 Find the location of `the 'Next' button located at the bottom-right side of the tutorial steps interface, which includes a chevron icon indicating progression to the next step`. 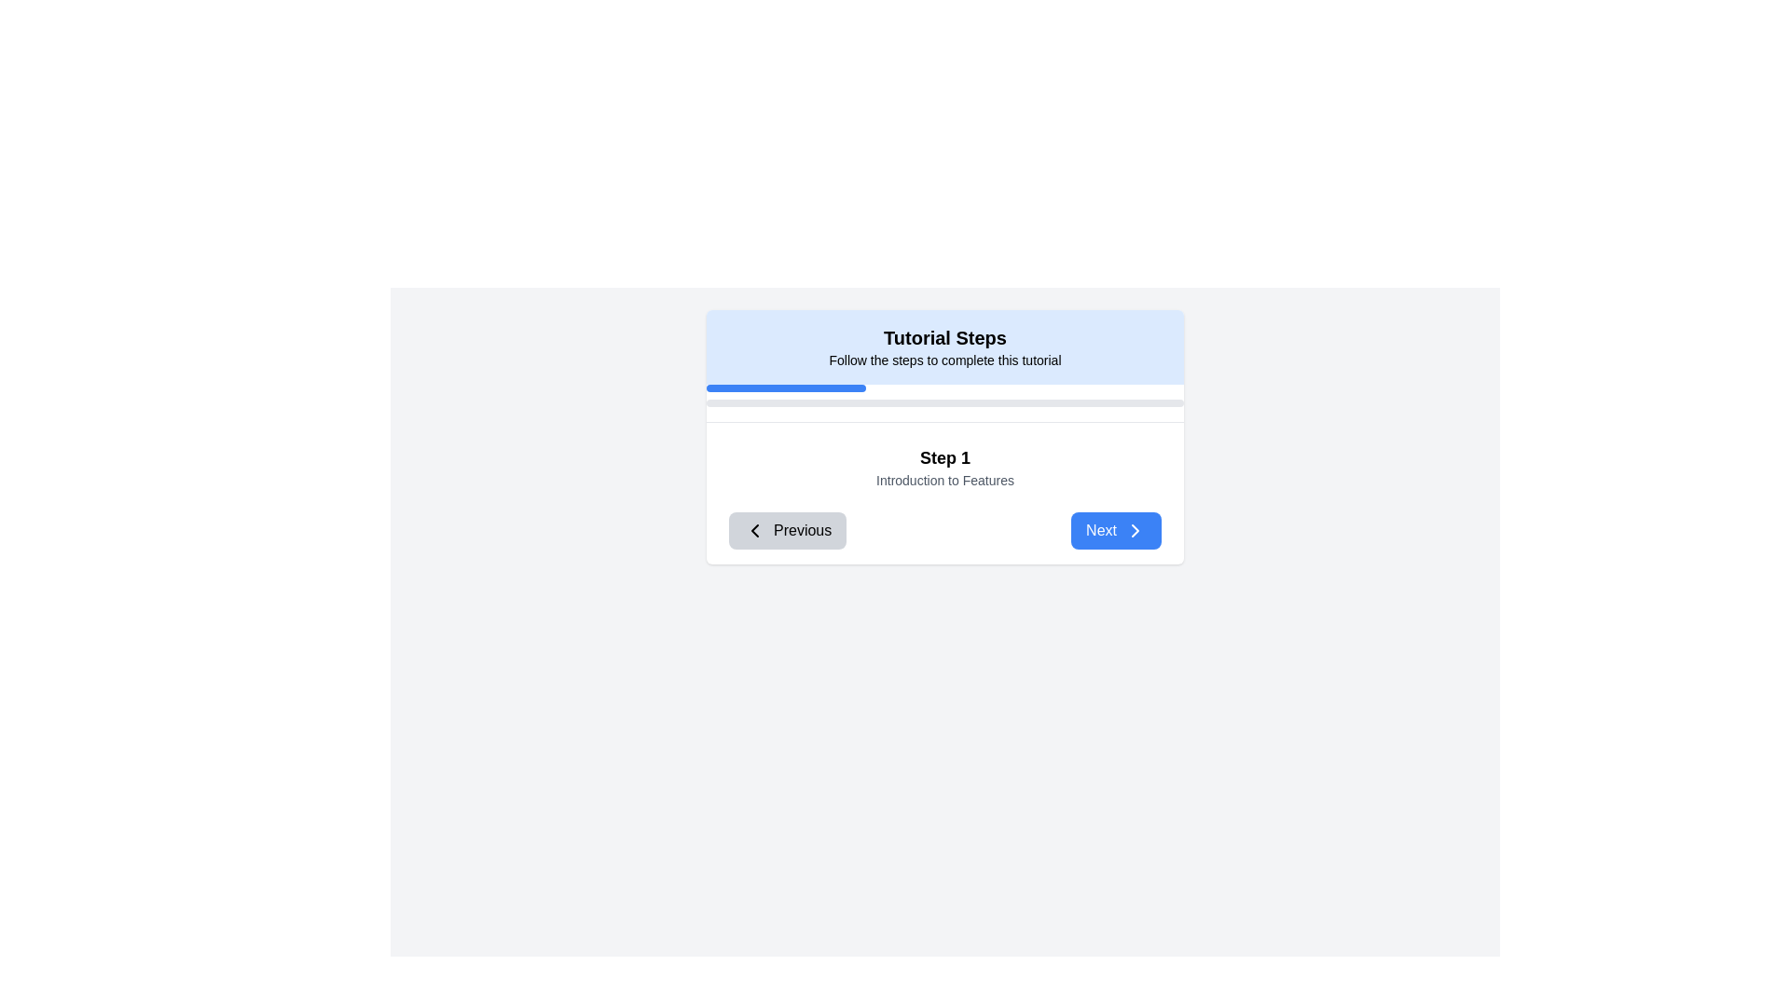

the 'Next' button located at the bottom-right side of the tutorial steps interface, which includes a chevron icon indicating progression to the next step is located at coordinates (1135, 531).